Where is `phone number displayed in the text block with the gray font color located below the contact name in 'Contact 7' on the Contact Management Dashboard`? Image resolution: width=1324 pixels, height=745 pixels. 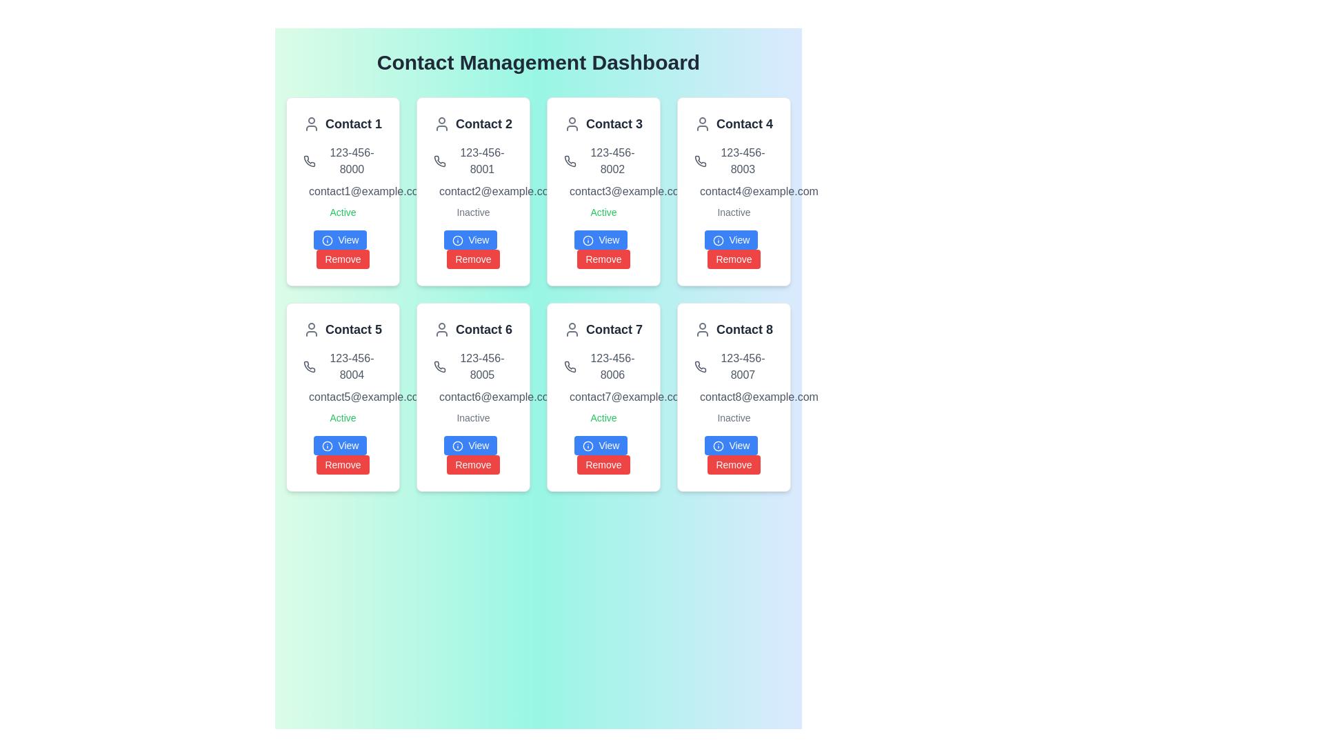
phone number displayed in the text block with the gray font color located below the contact name in 'Contact 7' on the Contact Management Dashboard is located at coordinates (603, 366).